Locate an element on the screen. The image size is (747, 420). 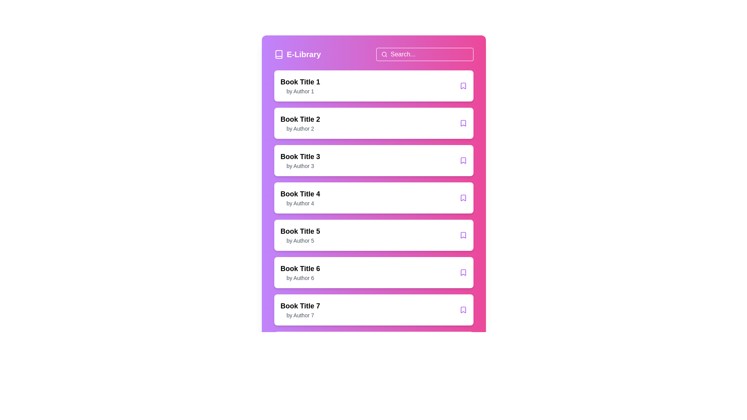
the author information displayed is located at coordinates (300, 240).